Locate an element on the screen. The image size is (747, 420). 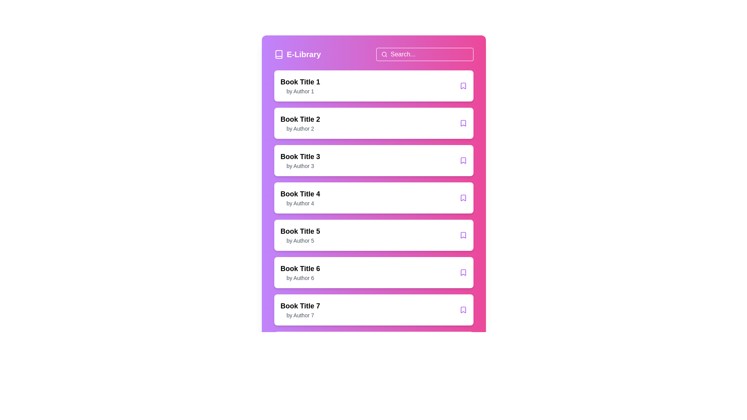
the author information displayed is located at coordinates (300, 240).